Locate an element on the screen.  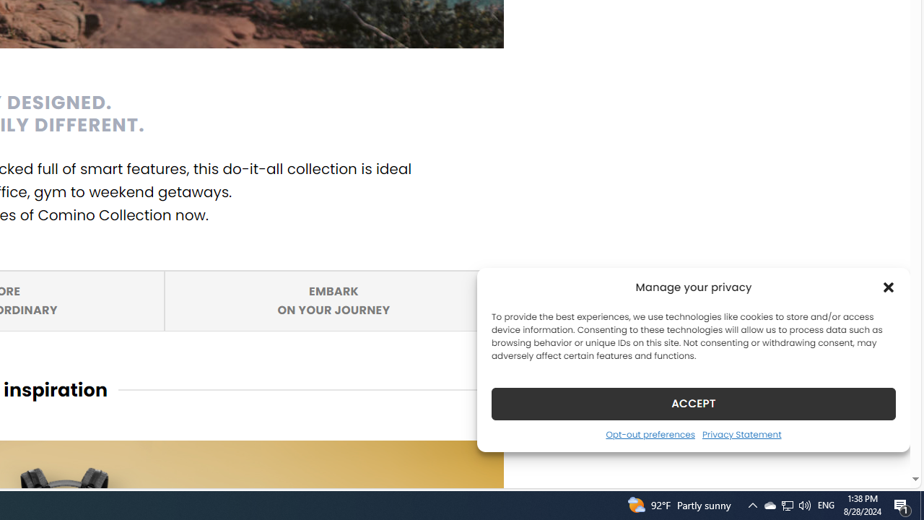
'Opt-out preferences' is located at coordinates (649, 433).